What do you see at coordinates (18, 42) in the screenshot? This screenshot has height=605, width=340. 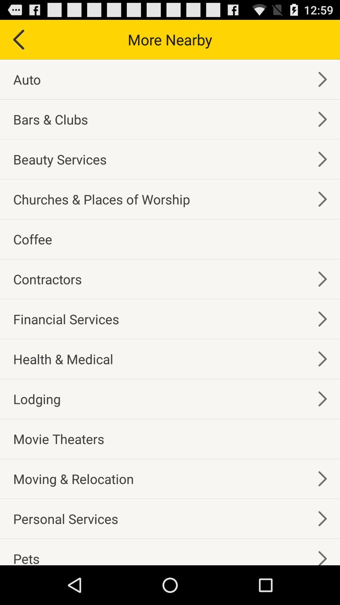 I see `the arrow_backward icon` at bounding box center [18, 42].